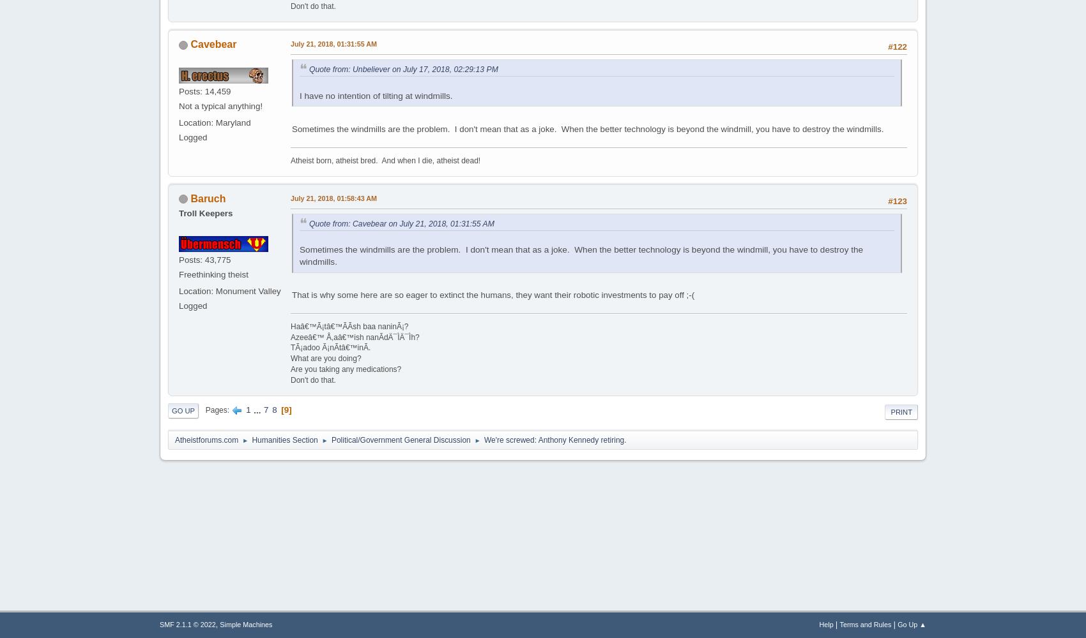 Image resolution: width=1086 pixels, height=638 pixels. Describe the element at coordinates (865, 624) in the screenshot. I see `'Terms and Rules'` at that location.